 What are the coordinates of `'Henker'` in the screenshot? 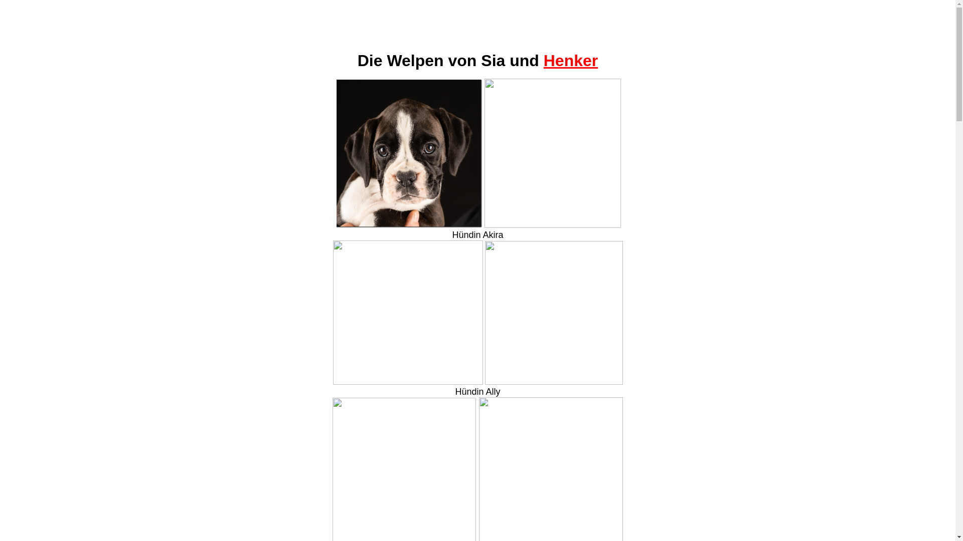 It's located at (571, 60).